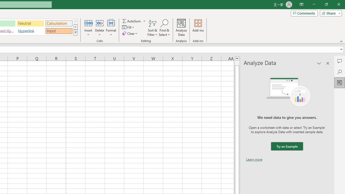  I want to click on 'AutoSum', so click(134, 21).